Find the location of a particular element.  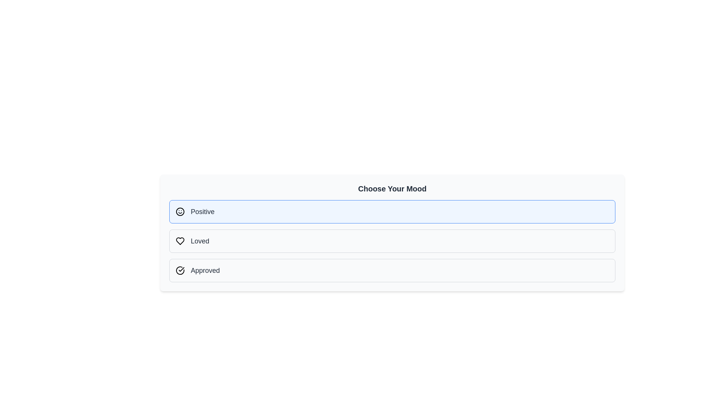

the text label 'Approved' located in the third row of the 'Choose Your Mood' options list, positioned to the right of the checkmark icon is located at coordinates (205, 270).